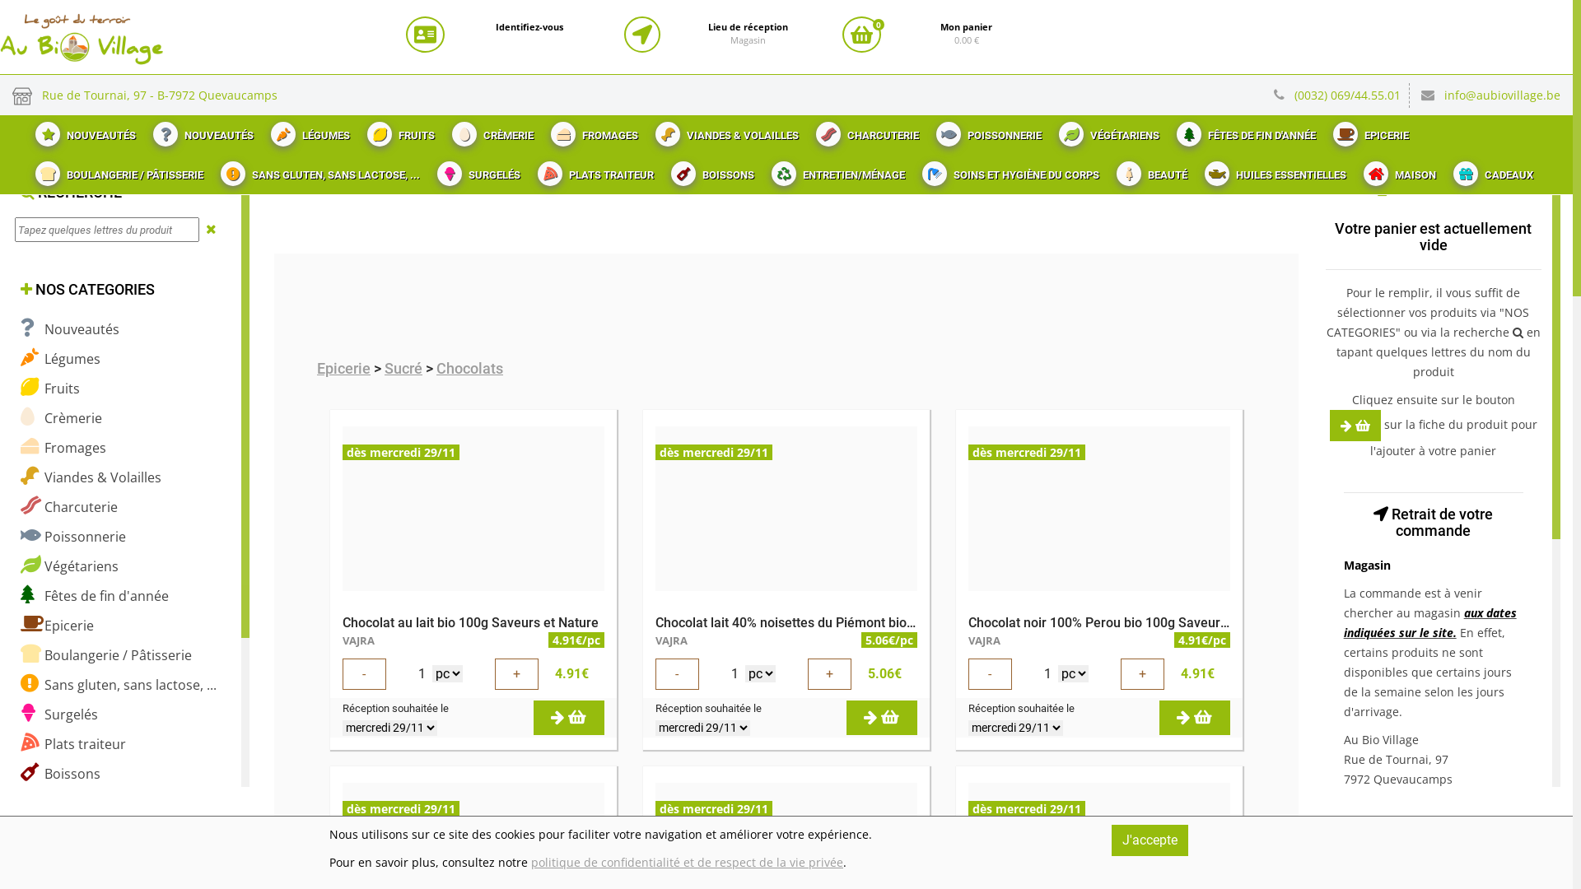 The width and height of the screenshot is (1581, 889). I want to click on 'MAISON', so click(1397, 170).